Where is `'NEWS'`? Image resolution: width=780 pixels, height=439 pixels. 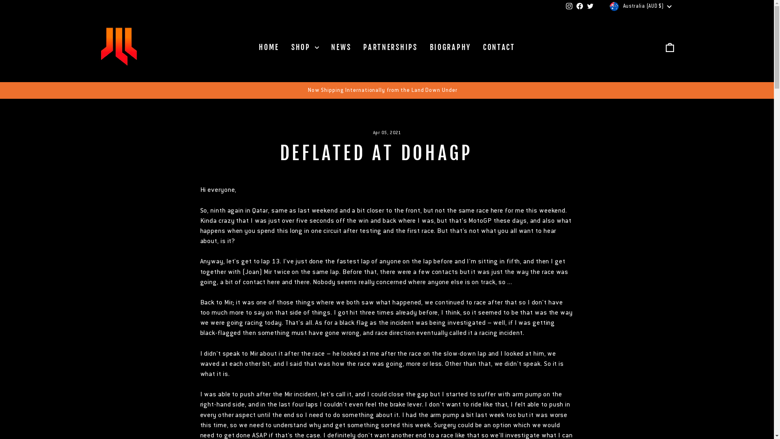
'NEWS' is located at coordinates (325, 48).